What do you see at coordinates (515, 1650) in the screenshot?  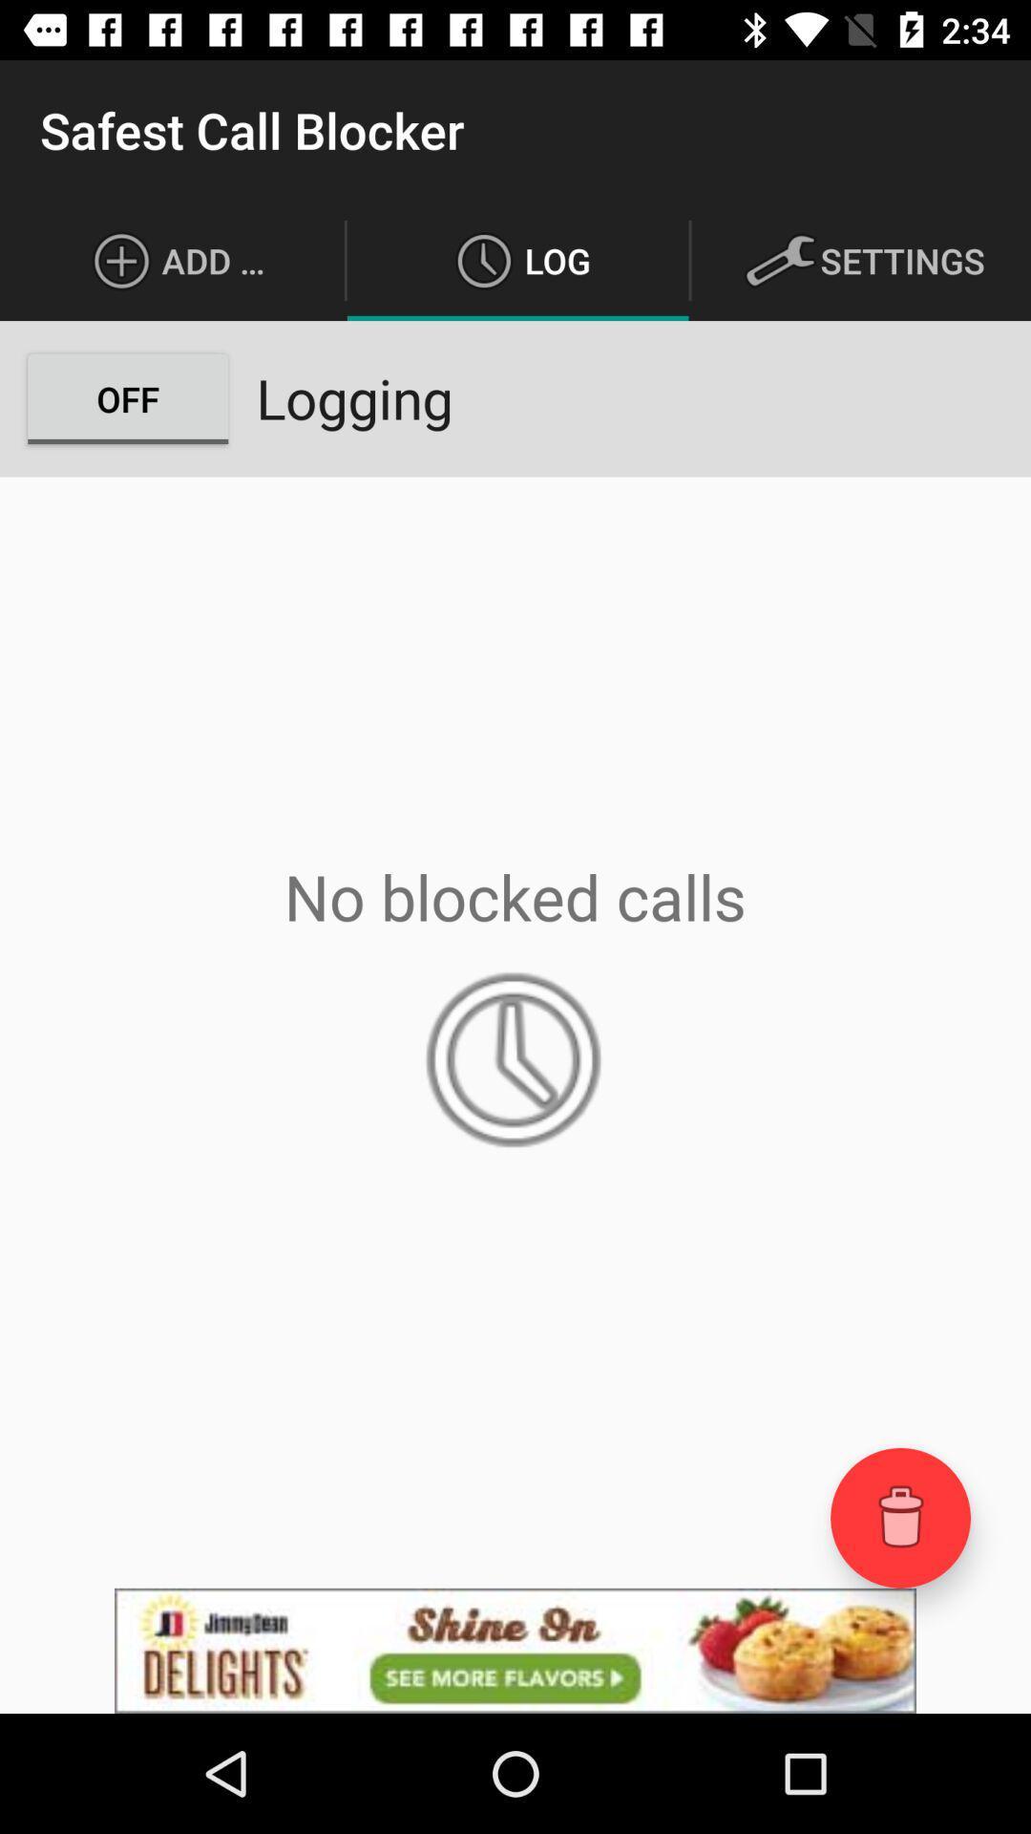 I see `banner` at bounding box center [515, 1650].